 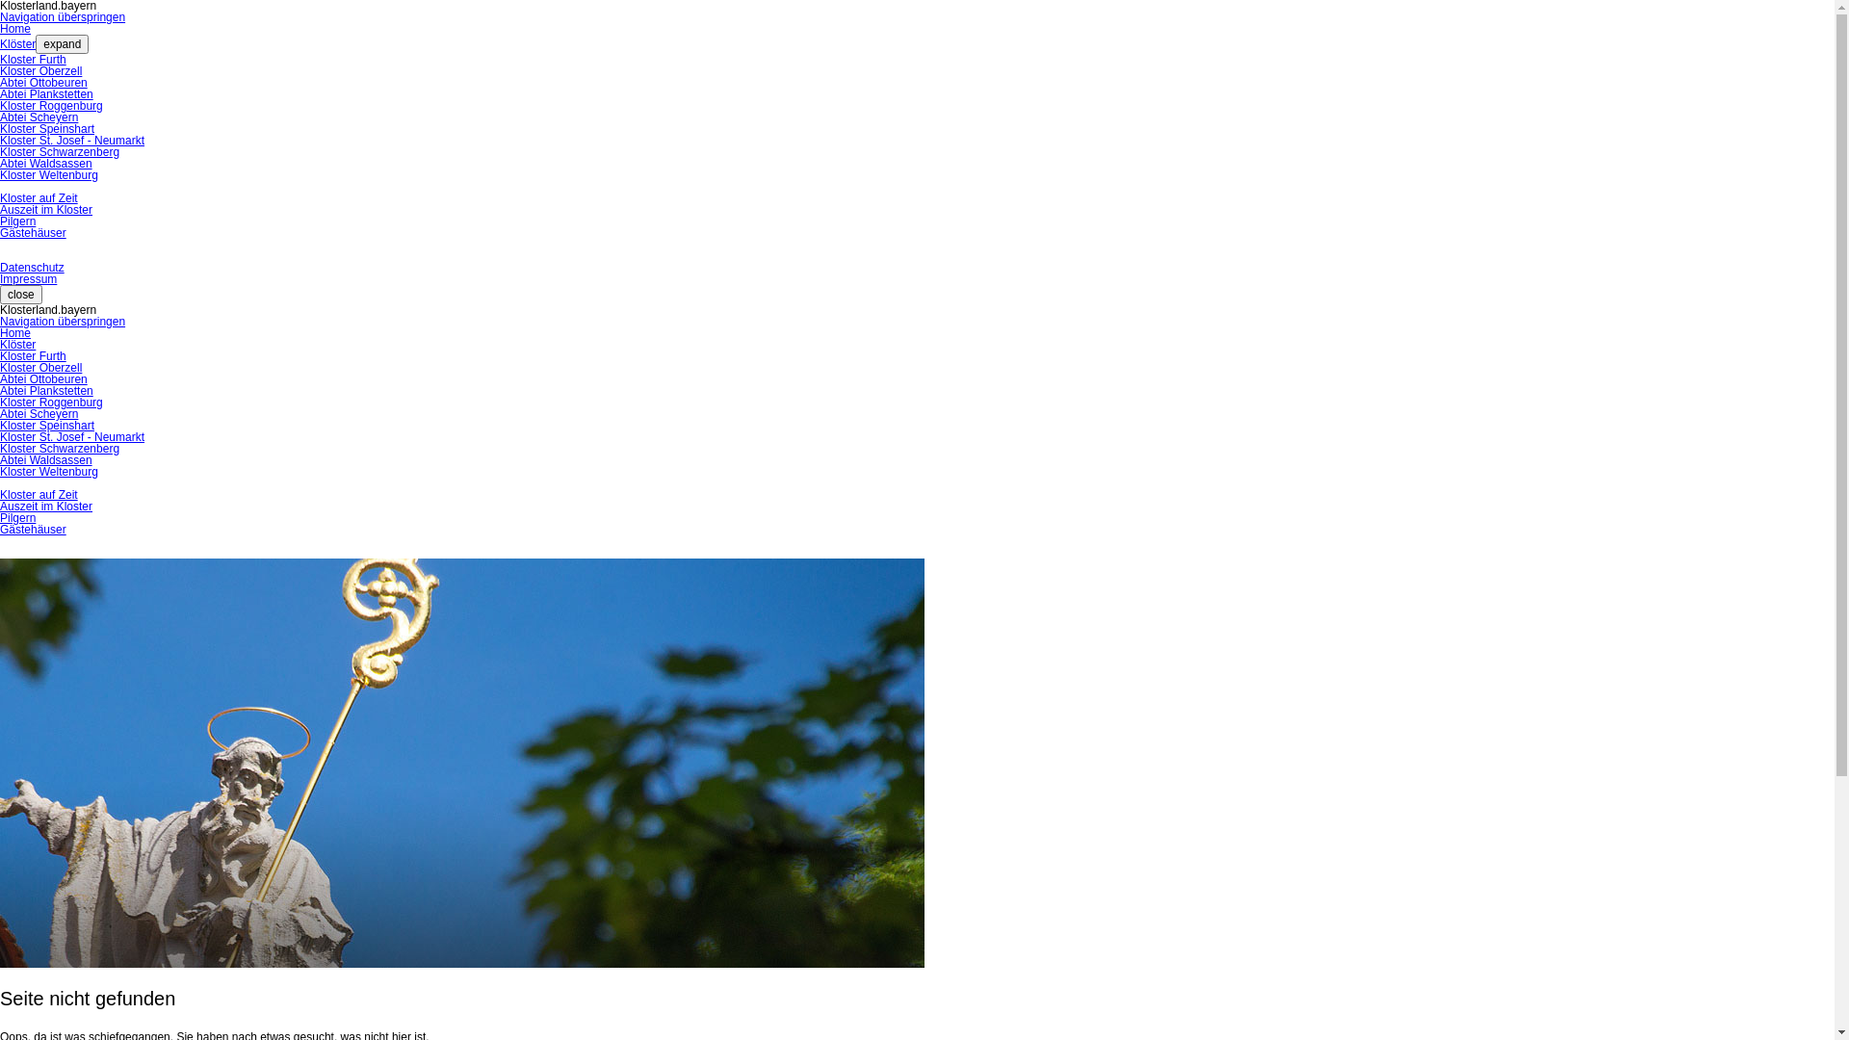 I want to click on 'Abtei Scheyern', so click(x=39, y=117).